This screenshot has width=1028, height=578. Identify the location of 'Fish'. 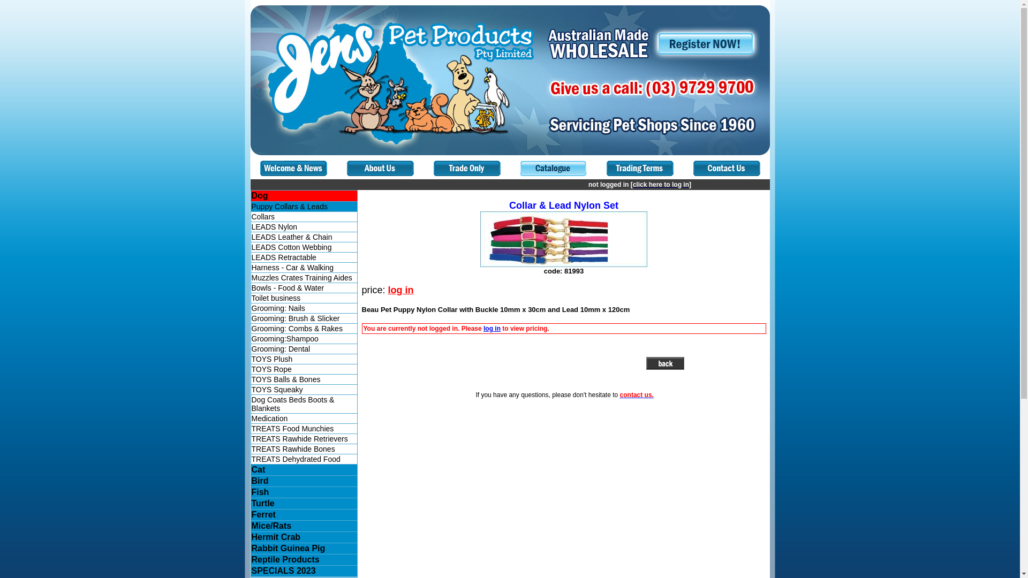
(260, 492).